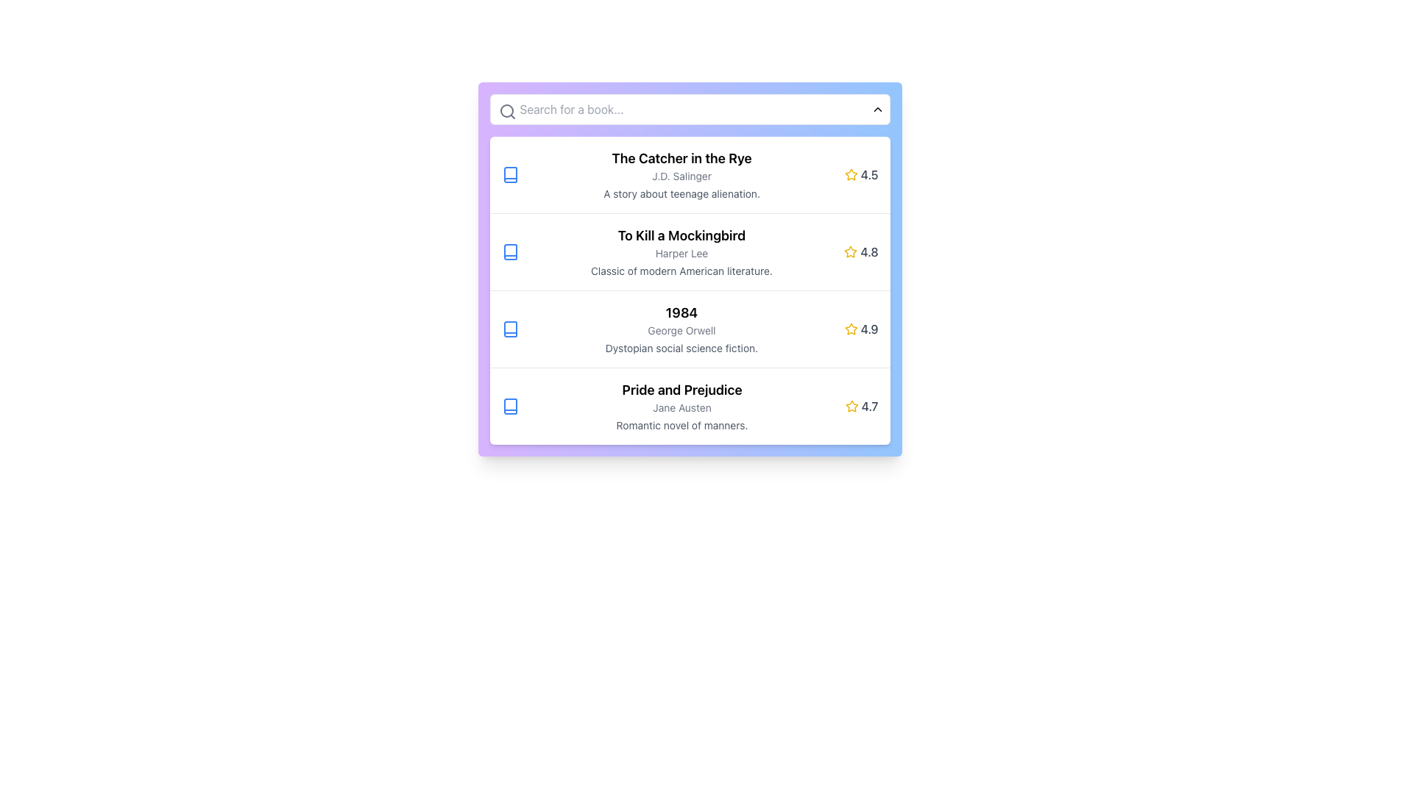 The width and height of the screenshot is (1413, 794). What do you see at coordinates (851, 328) in the screenshot?
I see `the yellow star icon next to the rating value '4.9' for the book '1984'` at bounding box center [851, 328].